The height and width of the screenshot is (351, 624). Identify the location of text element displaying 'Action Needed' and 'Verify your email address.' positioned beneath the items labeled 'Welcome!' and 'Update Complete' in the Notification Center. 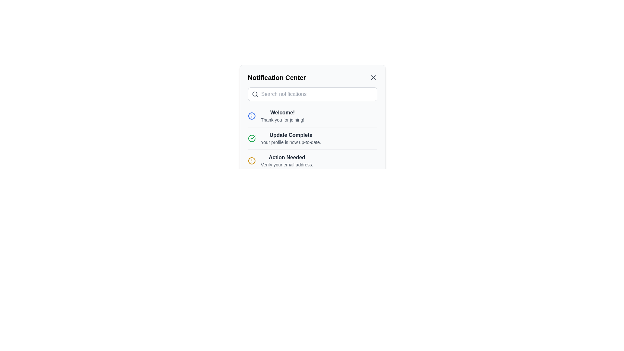
(287, 161).